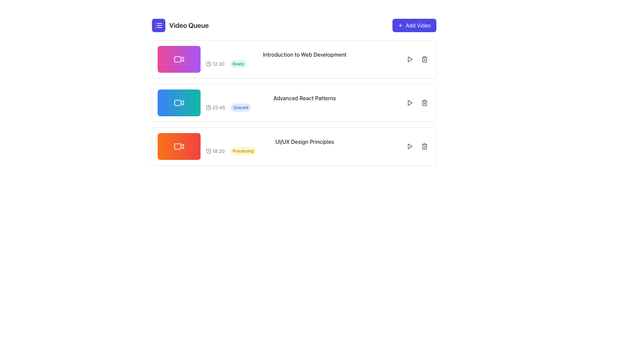 Image resolution: width=644 pixels, height=362 pixels. I want to click on the second video item card, which is a medium-sized rectangular card with rounded corners and a gradient background transitioning from blue to teal, featuring a white video icon at its center, so click(179, 103).